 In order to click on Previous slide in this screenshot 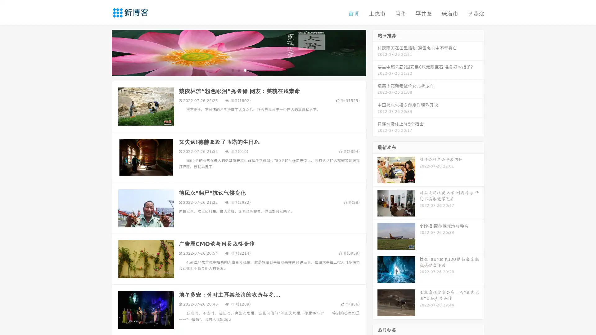, I will do `click(102, 52)`.